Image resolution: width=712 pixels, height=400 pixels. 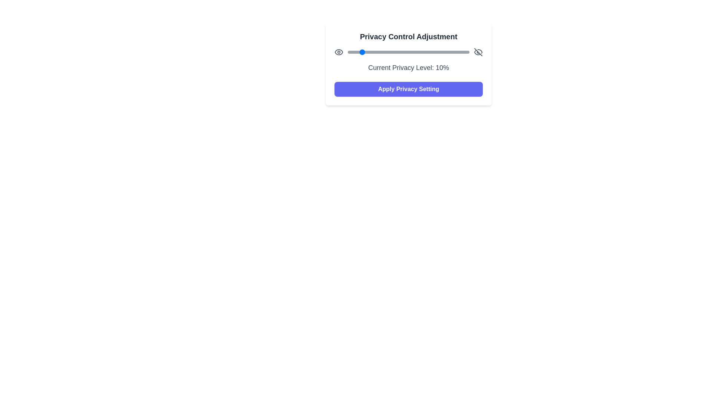 What do you see at coordinates (478, 52) in the screenshot?
I see `the eye-off icon to toggle its functionality` at bounding box center [478, 52].